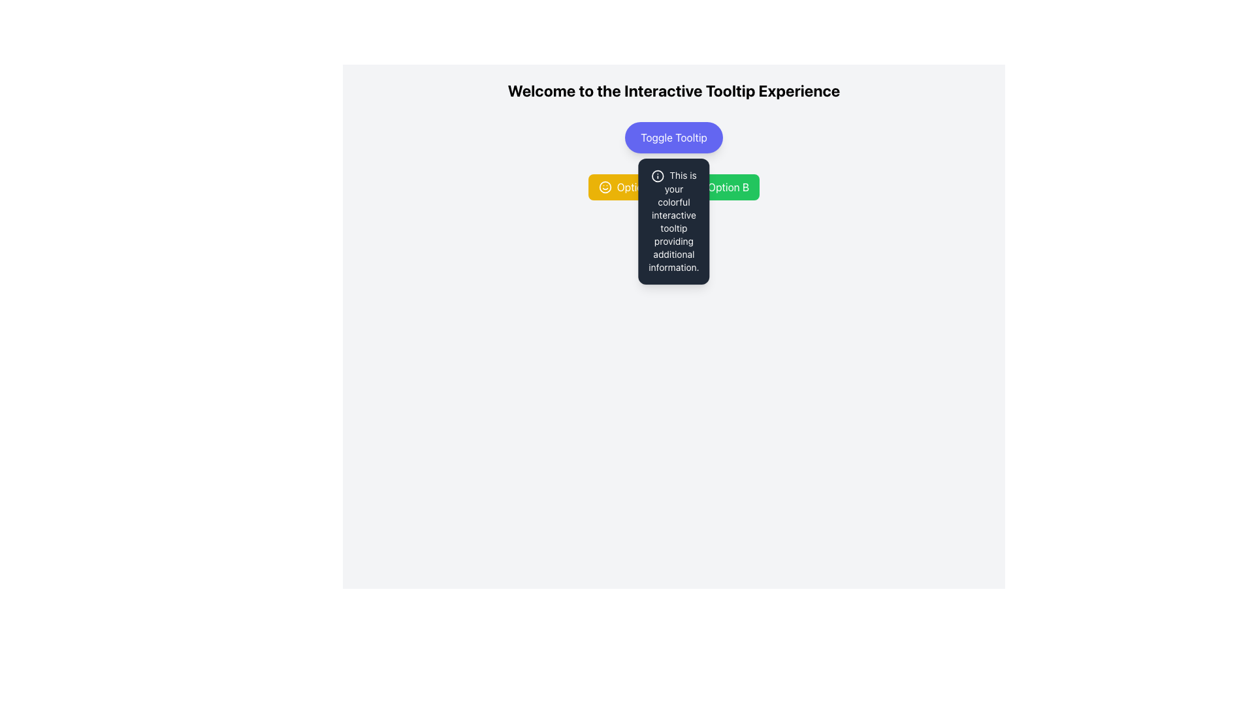 This screenshot has width=1254, height=705. I want to click on the circular graphic element with a yellow fill located in the 'Option A' section, which is aligned centrally along the vertical axis, so click(604, 187).